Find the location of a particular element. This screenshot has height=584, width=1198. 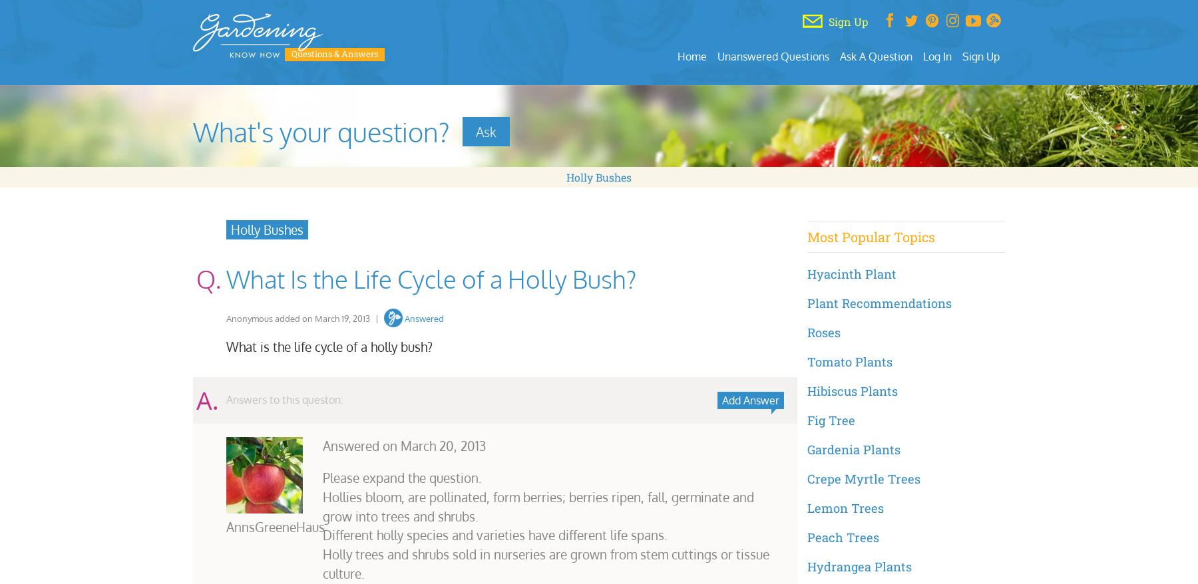

'Log In' is located at coordinates (936, 55).